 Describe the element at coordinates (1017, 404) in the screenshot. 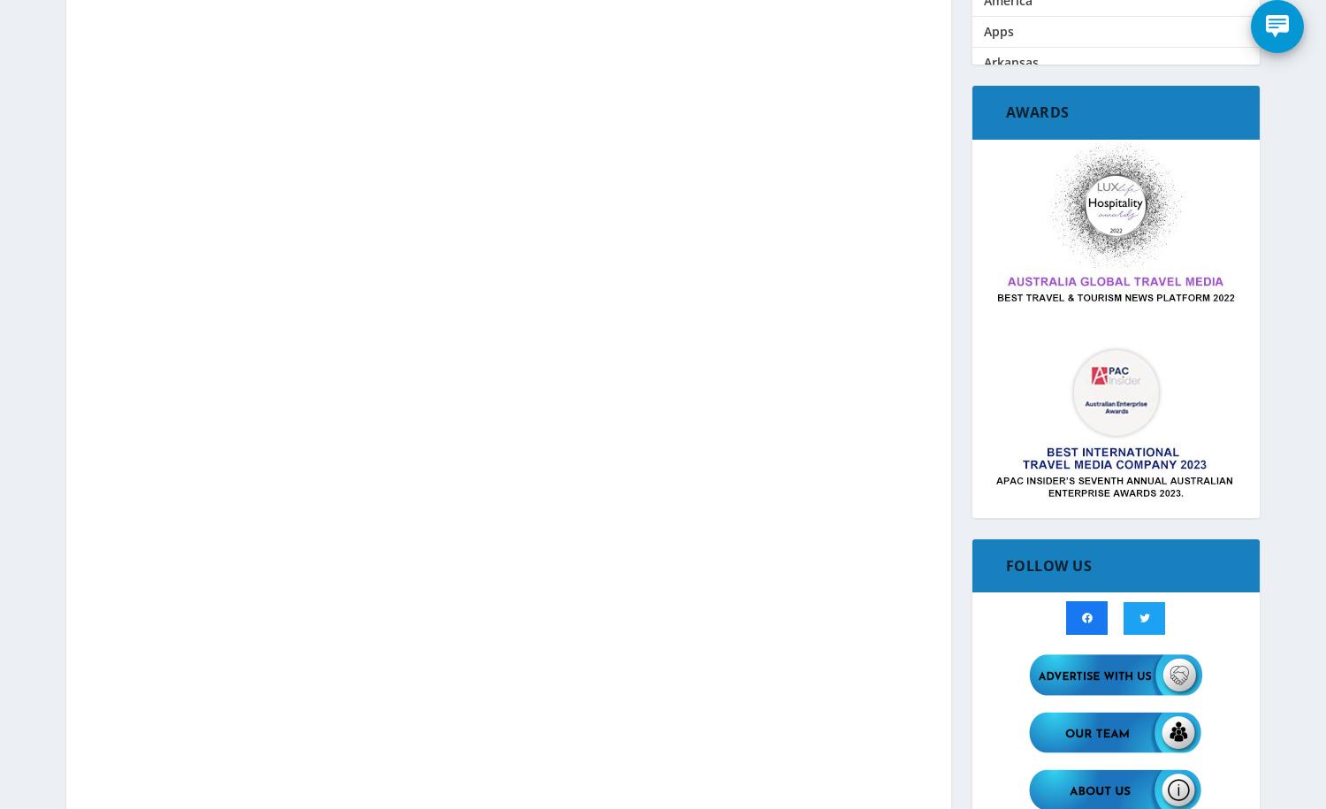

I see `'Car Rentals'` at that location.